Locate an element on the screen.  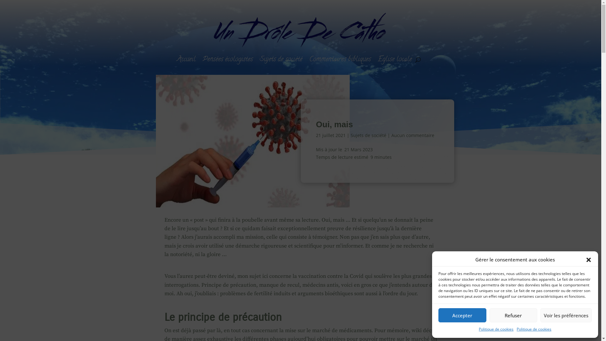
'Eglise locale' is located at coordinates (395, 60).